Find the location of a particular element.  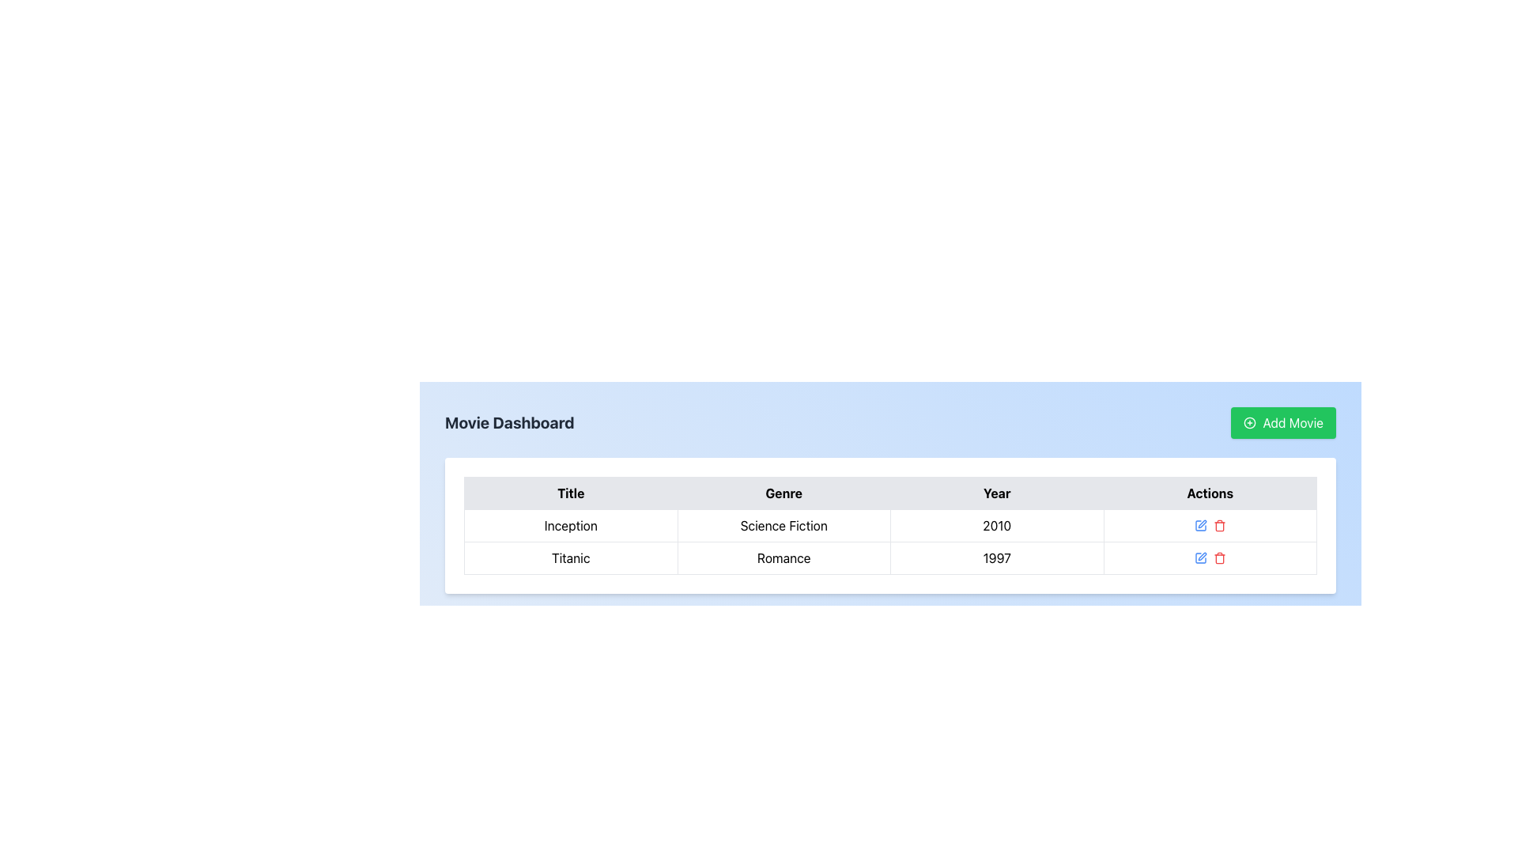

the trash bin icon representing the delete action for the movie 'Titanic' is located at coordinates (1218, 527).